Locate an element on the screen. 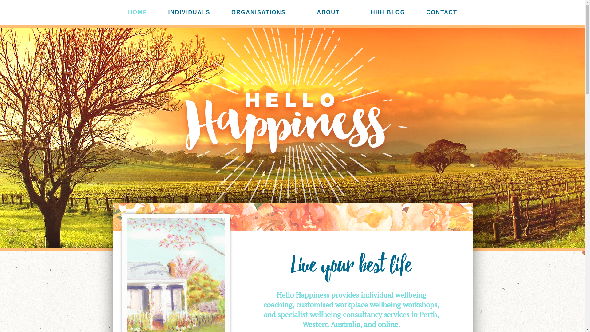 The height and width of the screenshot is (332, 590). 'CONTACT' is located at coordinates (441, 12).